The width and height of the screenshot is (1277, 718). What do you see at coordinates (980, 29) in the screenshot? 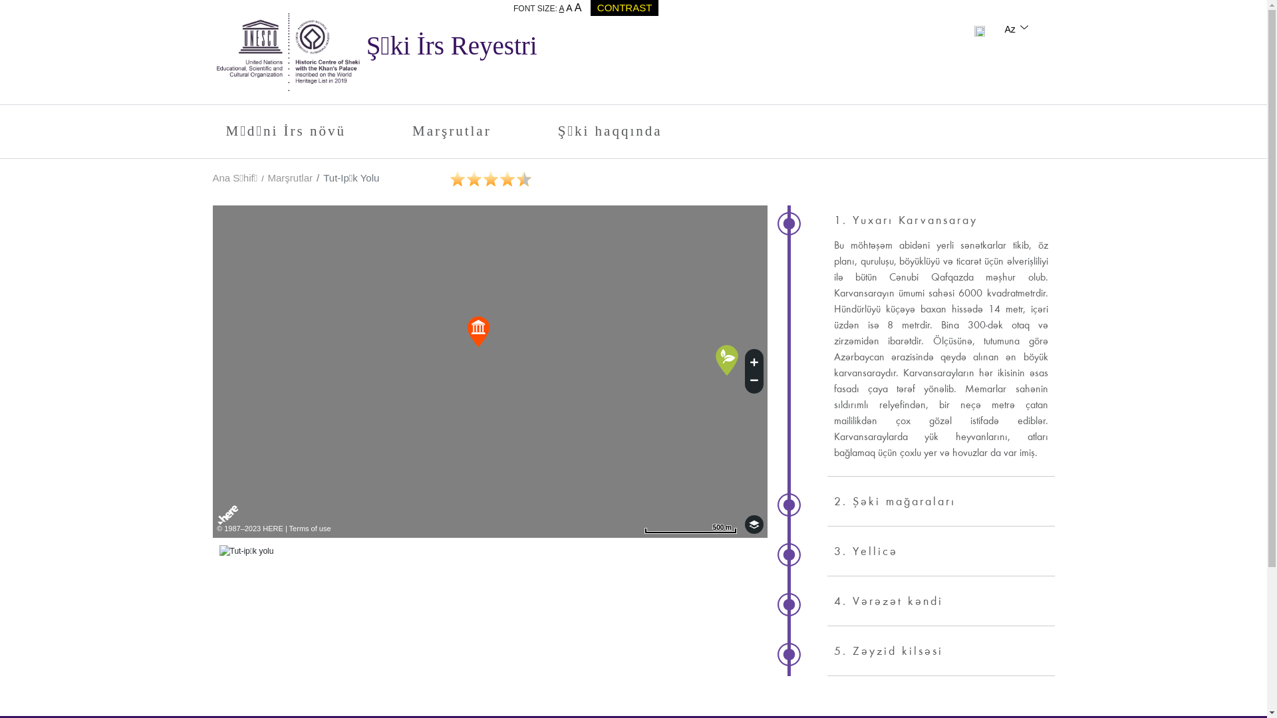
I see `' '` at bounding box center [980, 29].